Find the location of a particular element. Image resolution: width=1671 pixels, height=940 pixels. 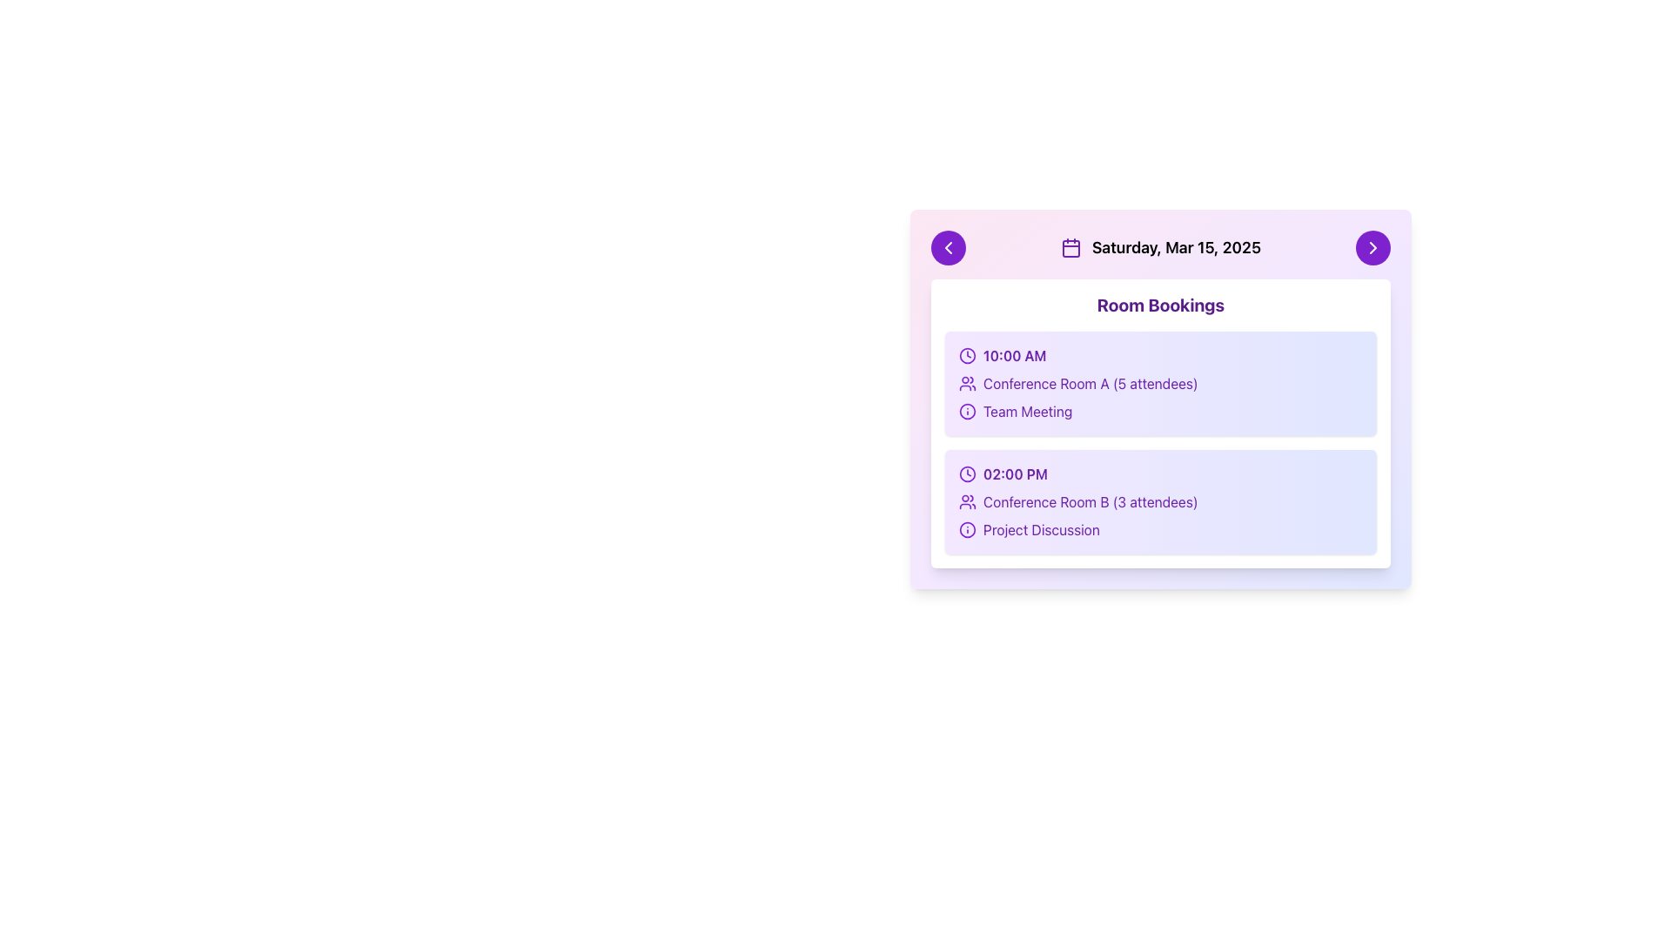

the time indicator icon located to the left of the text '10:00 AM' is located at coordinates (967, 354).